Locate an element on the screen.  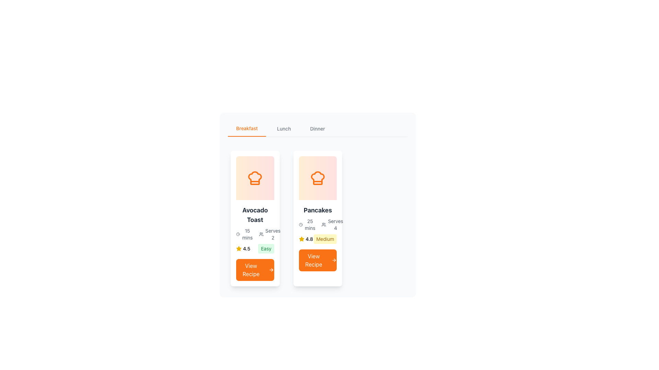
the clickable text label 'Dinner' in the navigation bar to observe potential styling changes is located at coordinates (317, 128).